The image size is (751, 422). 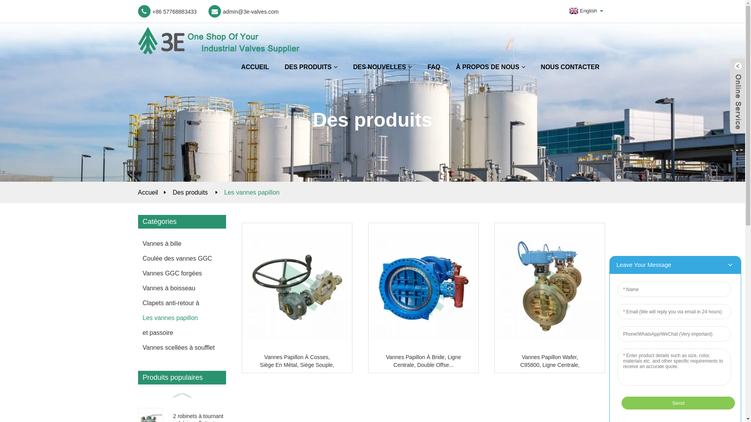 What do you see at coordinates (148, 192) in the screenshot?
I see `'Accueil'` at bounding box center [148, 192].